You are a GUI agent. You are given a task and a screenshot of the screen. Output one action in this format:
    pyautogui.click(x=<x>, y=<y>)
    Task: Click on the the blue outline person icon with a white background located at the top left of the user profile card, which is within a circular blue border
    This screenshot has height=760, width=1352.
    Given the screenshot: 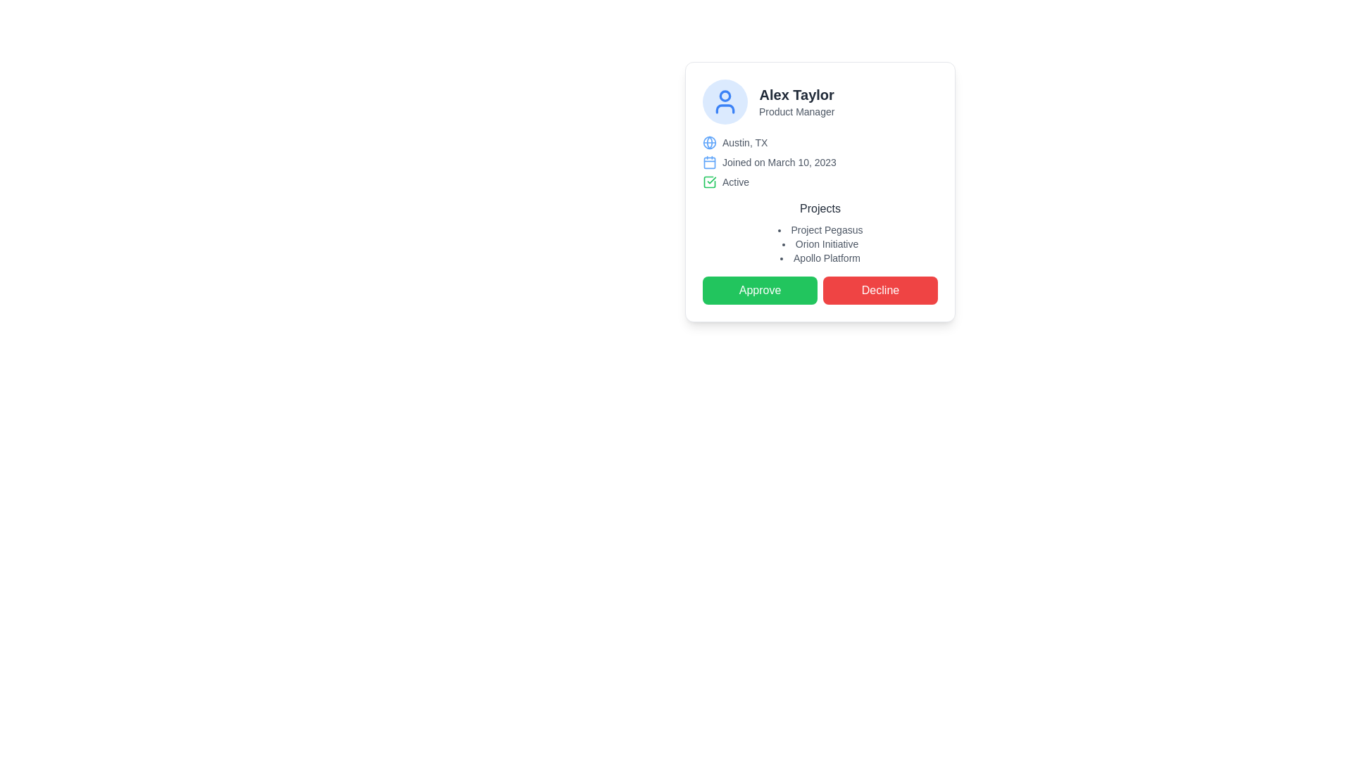 What is the action you would take?
    pyautogui.click(x=725, y=101)
    